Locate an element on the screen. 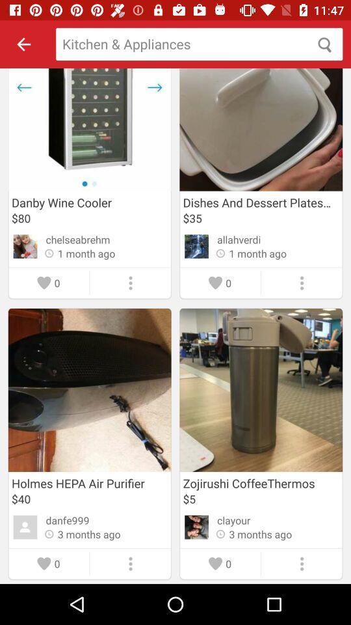 This screenshot has height=625, width=351. search for products is located at coordinates (199, 44).